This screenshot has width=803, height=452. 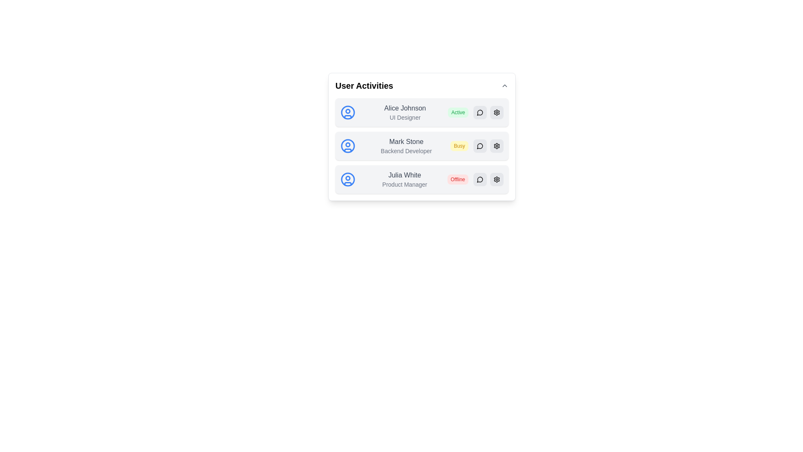 I want to click on the User Information Card for 'Mark Stone', which contains a blue user icon, bold gray name, gray subtext, and a yellow 'Busy' status indicator, so click(x=422, y=145).